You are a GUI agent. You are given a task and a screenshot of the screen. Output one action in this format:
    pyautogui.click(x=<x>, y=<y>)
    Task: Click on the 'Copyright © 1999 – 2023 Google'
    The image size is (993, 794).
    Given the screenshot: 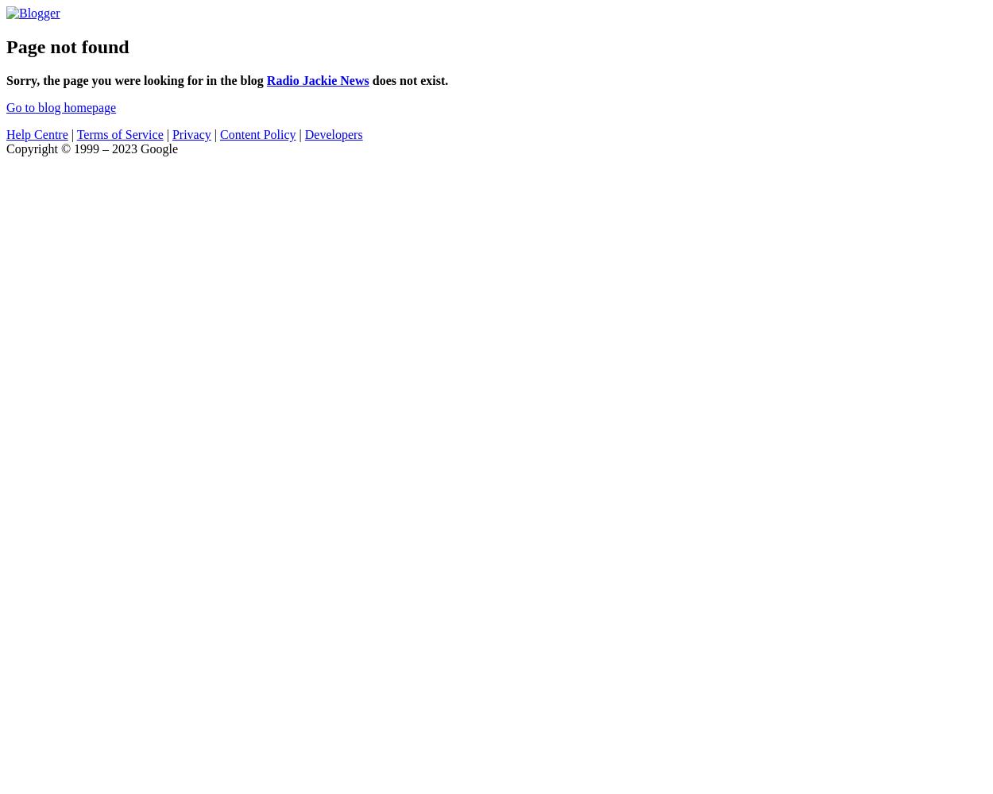 What is the action you would take?
    pyautogui.click(x=91, y=148)
    